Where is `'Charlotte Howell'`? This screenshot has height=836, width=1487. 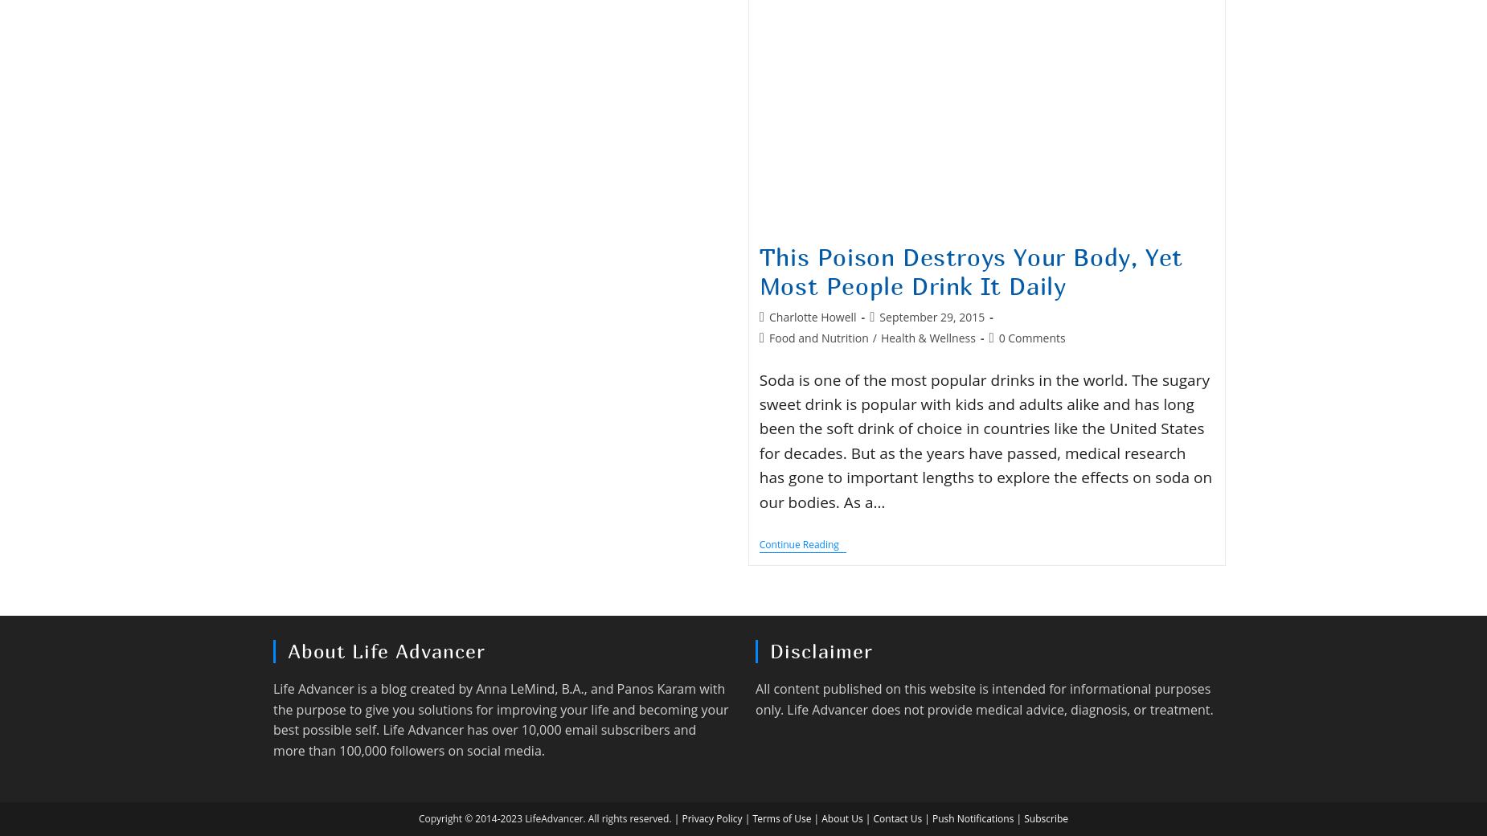 'Charlotte Howell' is located at coordinates (811, 316).